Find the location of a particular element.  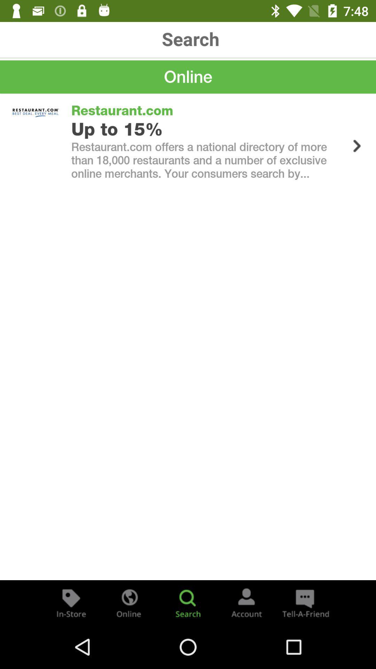

the avatar icon is located at coordinates (246, 602).